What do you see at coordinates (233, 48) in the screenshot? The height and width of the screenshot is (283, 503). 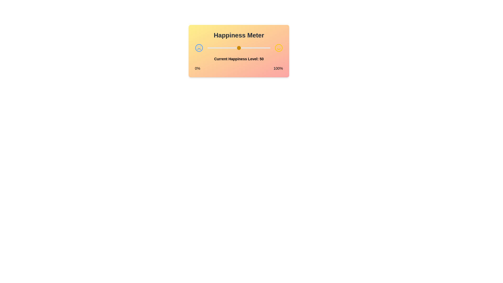 I see `the happiness level to 41 by dragging the slider` at bounding box center [233, 48].